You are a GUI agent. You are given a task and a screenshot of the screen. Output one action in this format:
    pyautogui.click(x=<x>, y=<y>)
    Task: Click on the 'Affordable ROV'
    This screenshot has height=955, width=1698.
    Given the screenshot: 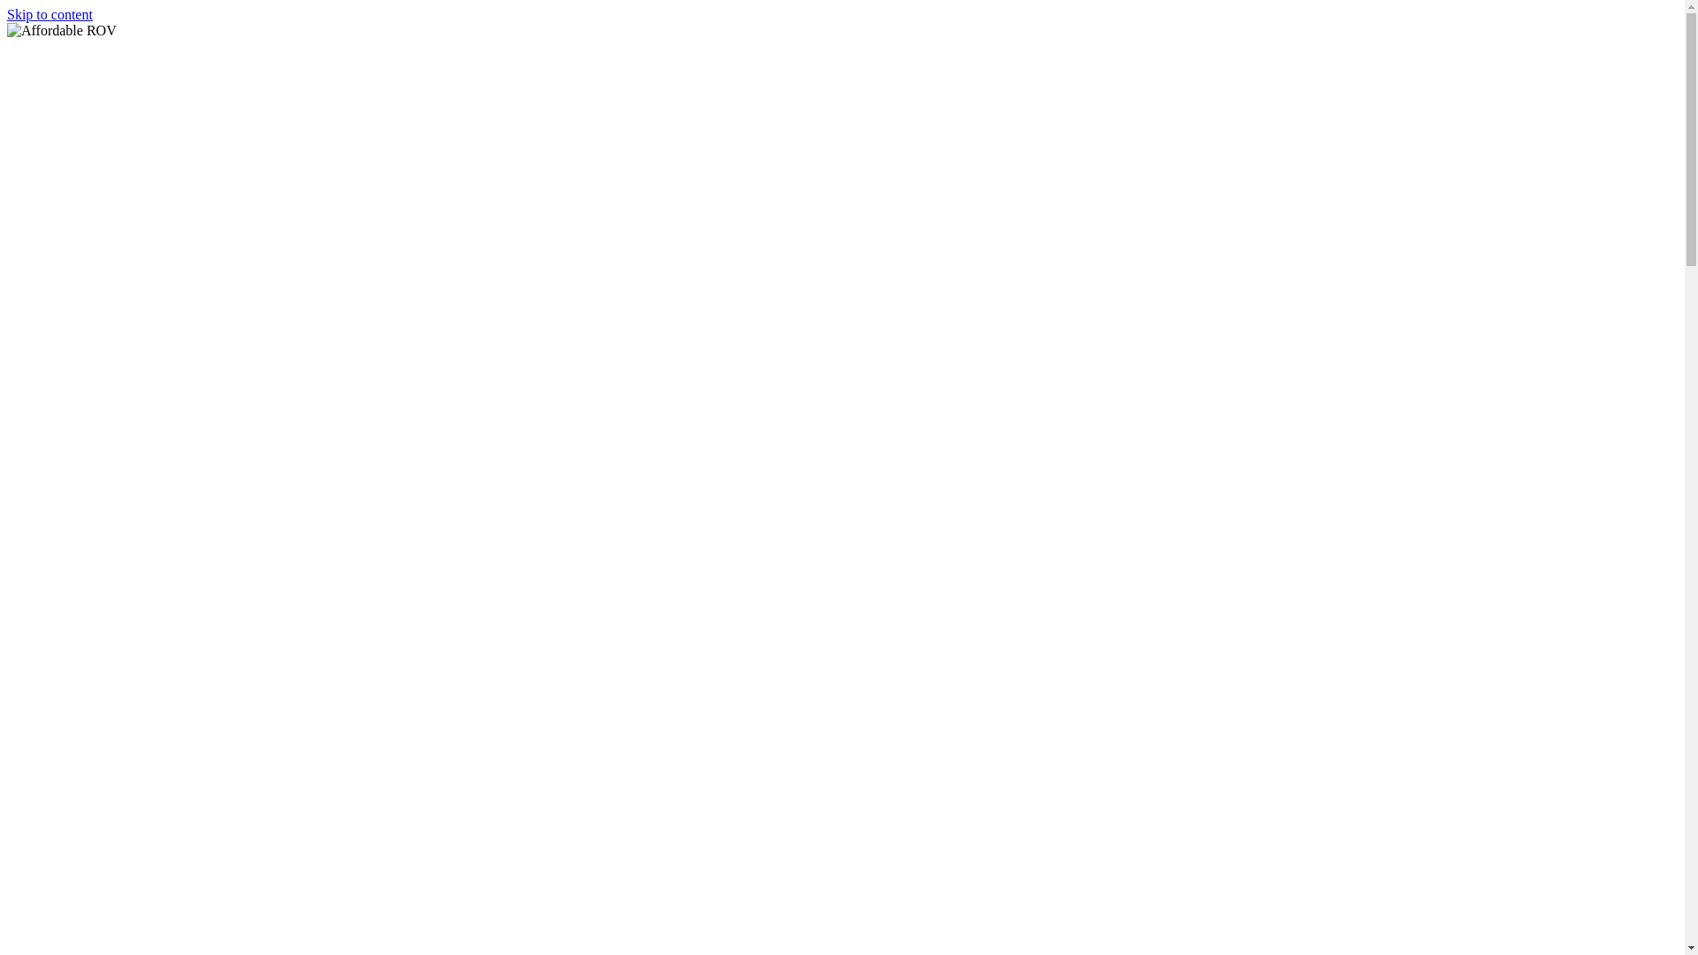 What is the action you would take?
    pyautogui.click(x=48, y=52)
    